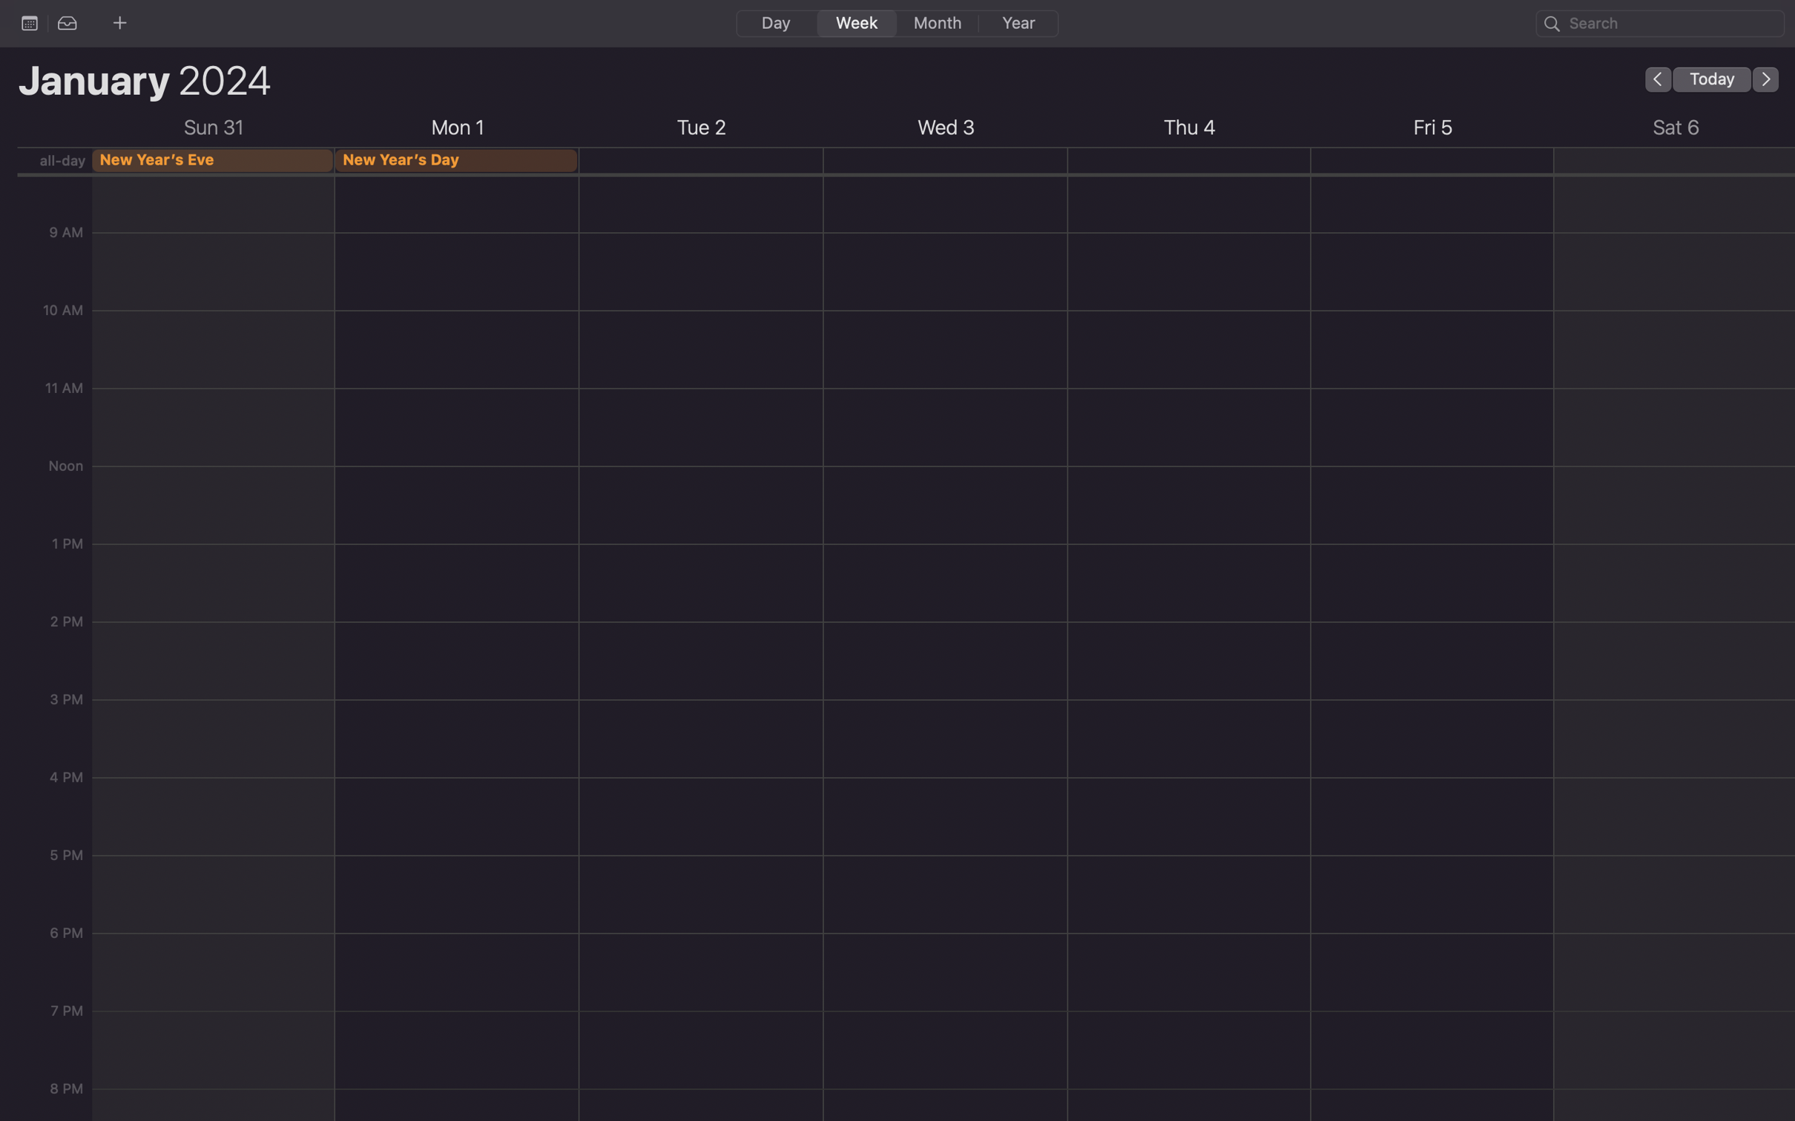 This screenshot has height=1121, width=1795. Describe the element at coordinates (700, 247) in the screenshot. I see `Schedule an itinerary on Monday from 11am till 4:30 pm` at that location.